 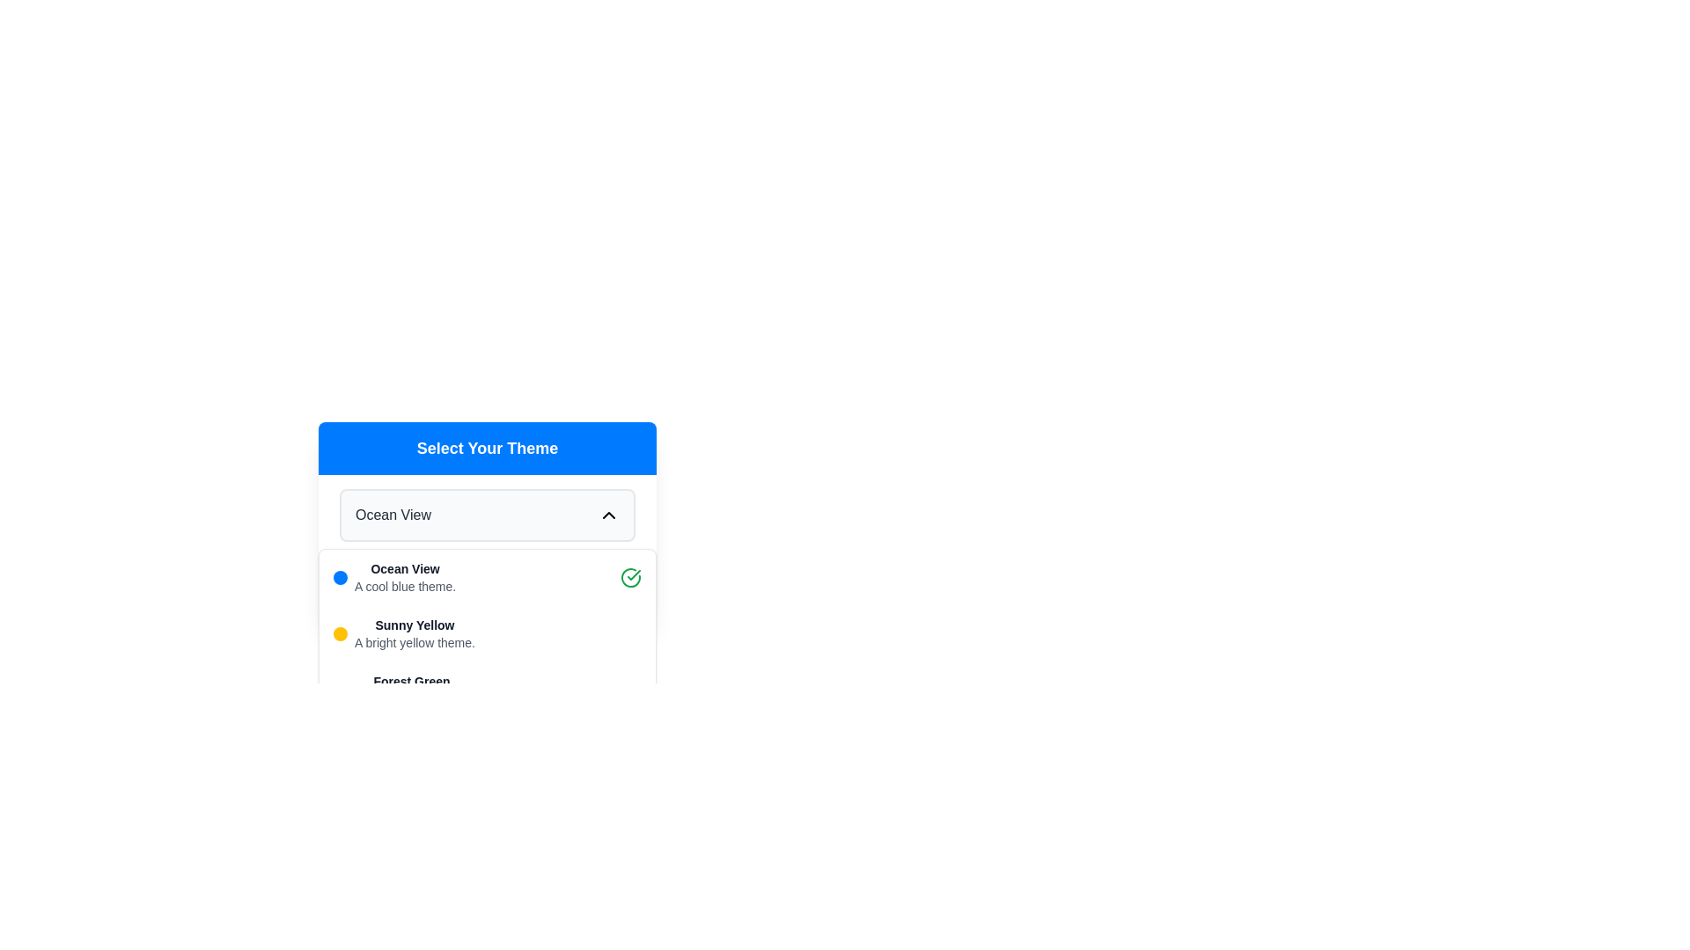 What do you see at coordinates (487, 634) in the screenshot?
I see `the 'Sunny Yellow' theme option in the dropdown menu` at bounding box center [487, 634].